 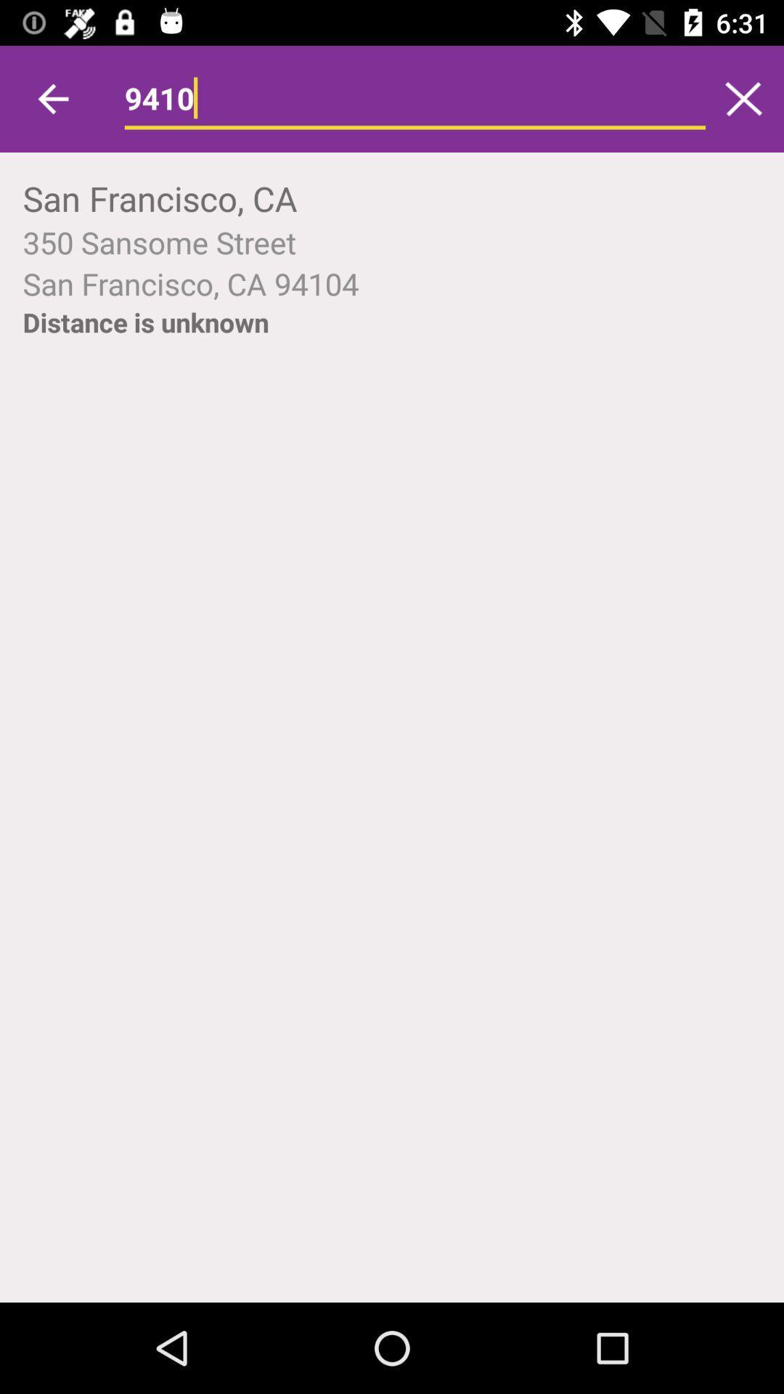 I want to click on clear search box, so click(x=743, y=98).